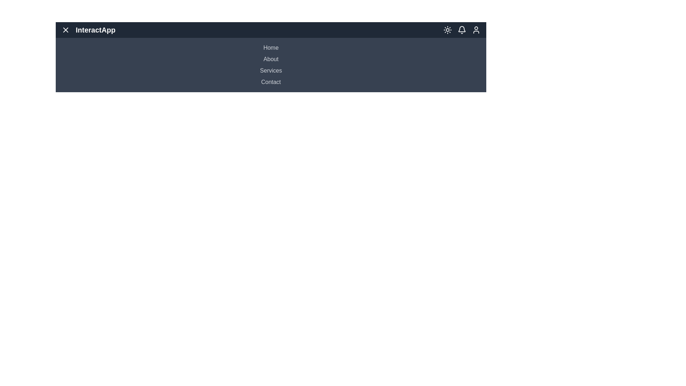 This screenshot has height=386, width=686. I want to click on the menu item Home to navigate to the respective section, so click(270, 48).